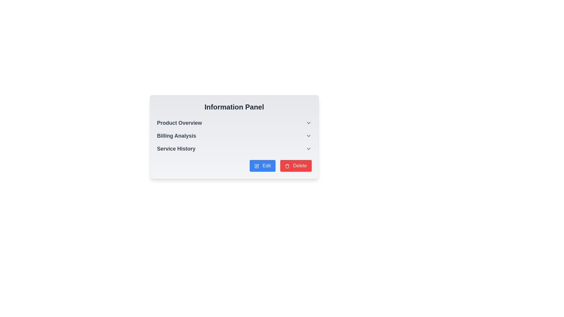  What do you see at coordinates (262, 166) in the screenshot?
I see `the edit button located in the bottom right section of the 'Information Panel' to activate its hover effect` at bounding box center [262, 166].